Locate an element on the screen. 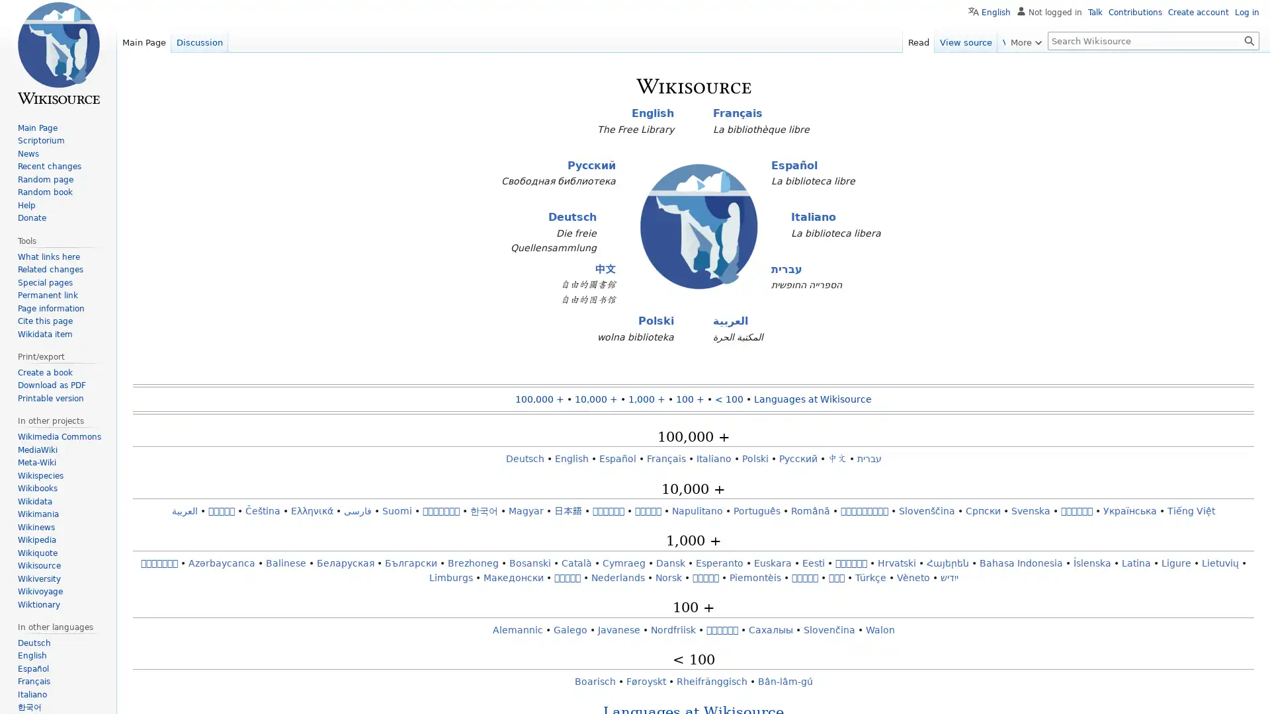 This screenshot has width=1270, height=714. Search is located at coordinates (1249, 40).